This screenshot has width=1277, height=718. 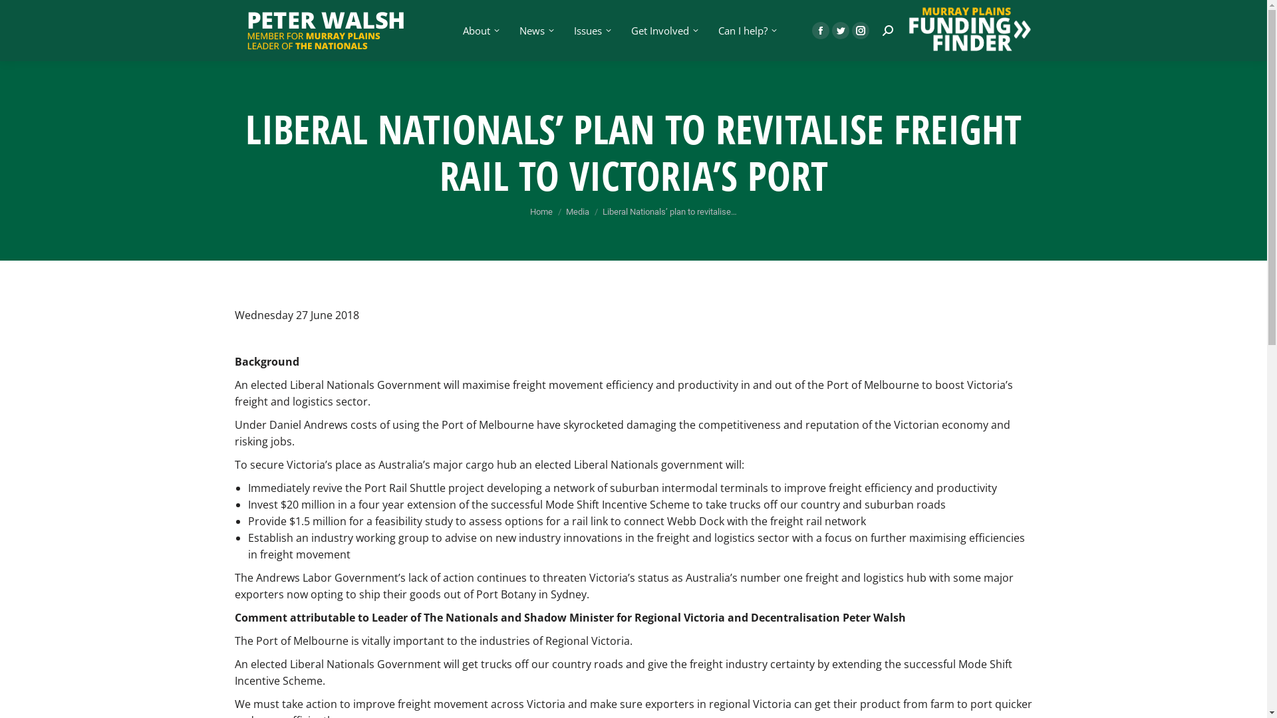 What do you see at coordinates (746, 30) in the screenshot?
I see `'Can I help?'` at bounding box center [746, 30].